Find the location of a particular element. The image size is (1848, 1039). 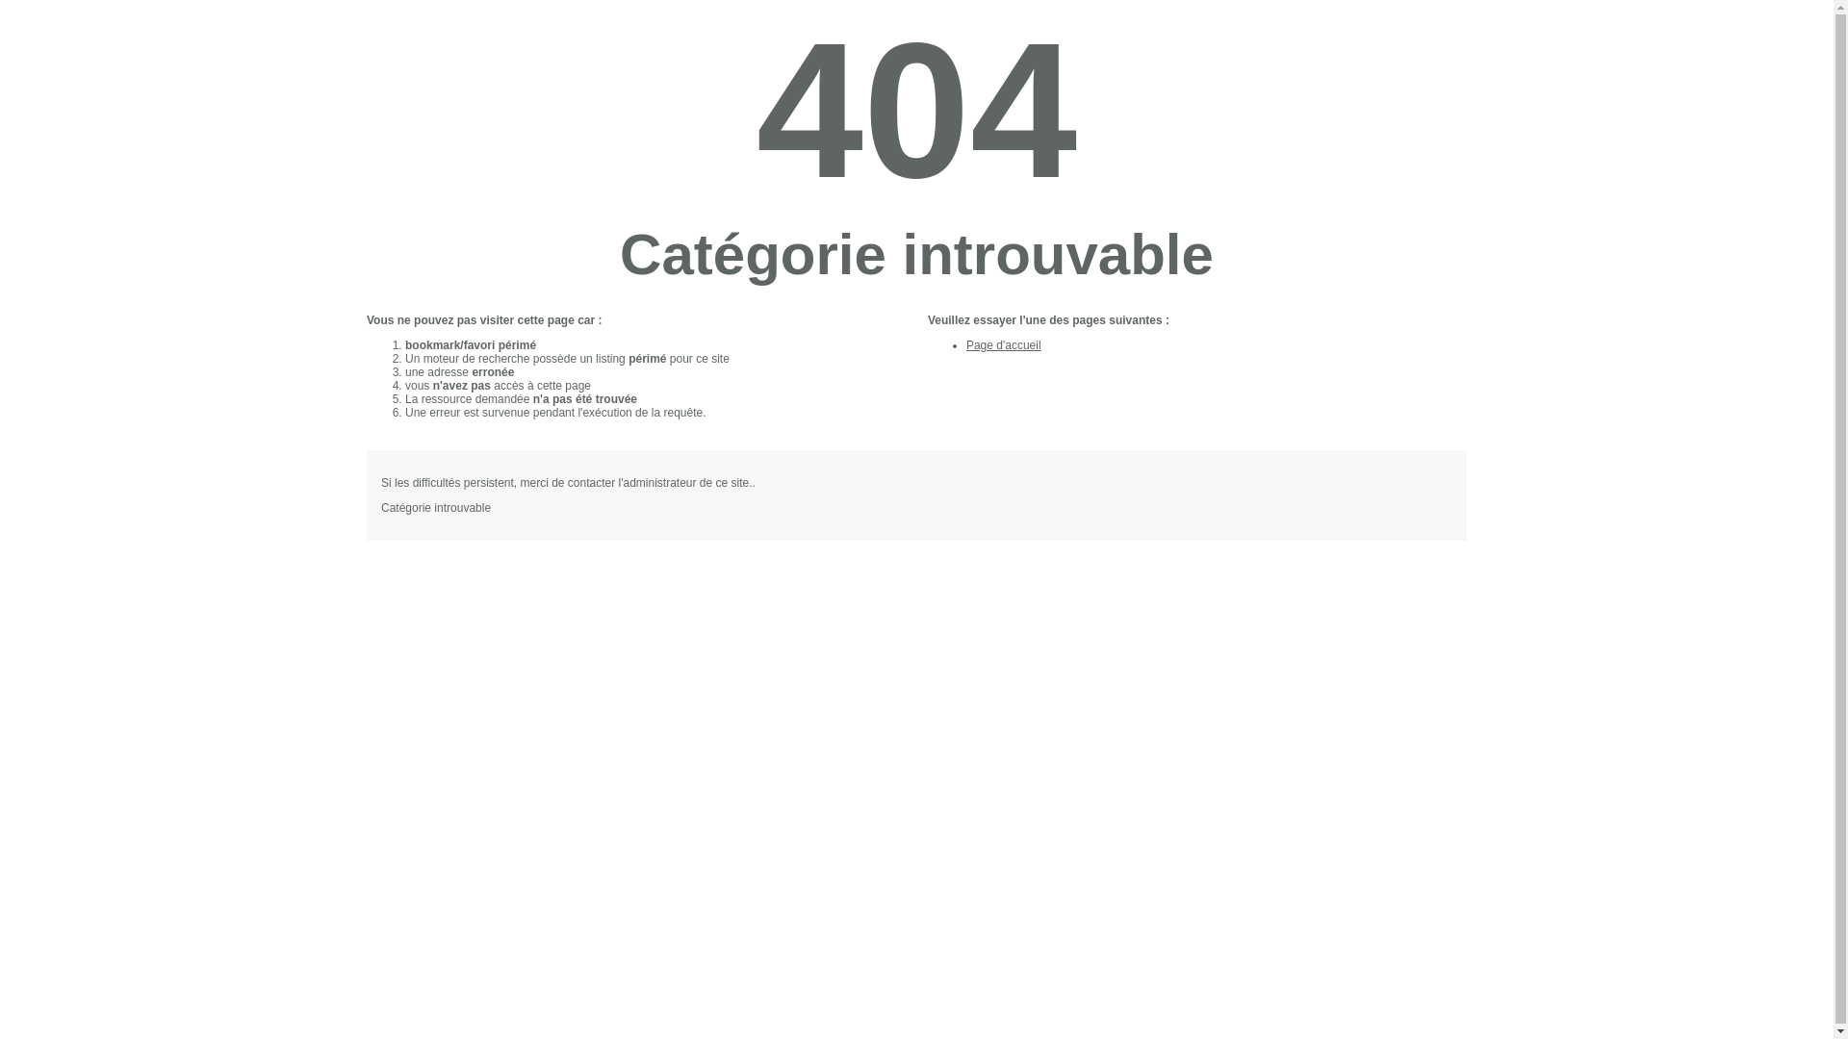

'Page d'accueil' is located at coordinates (1002, 343).